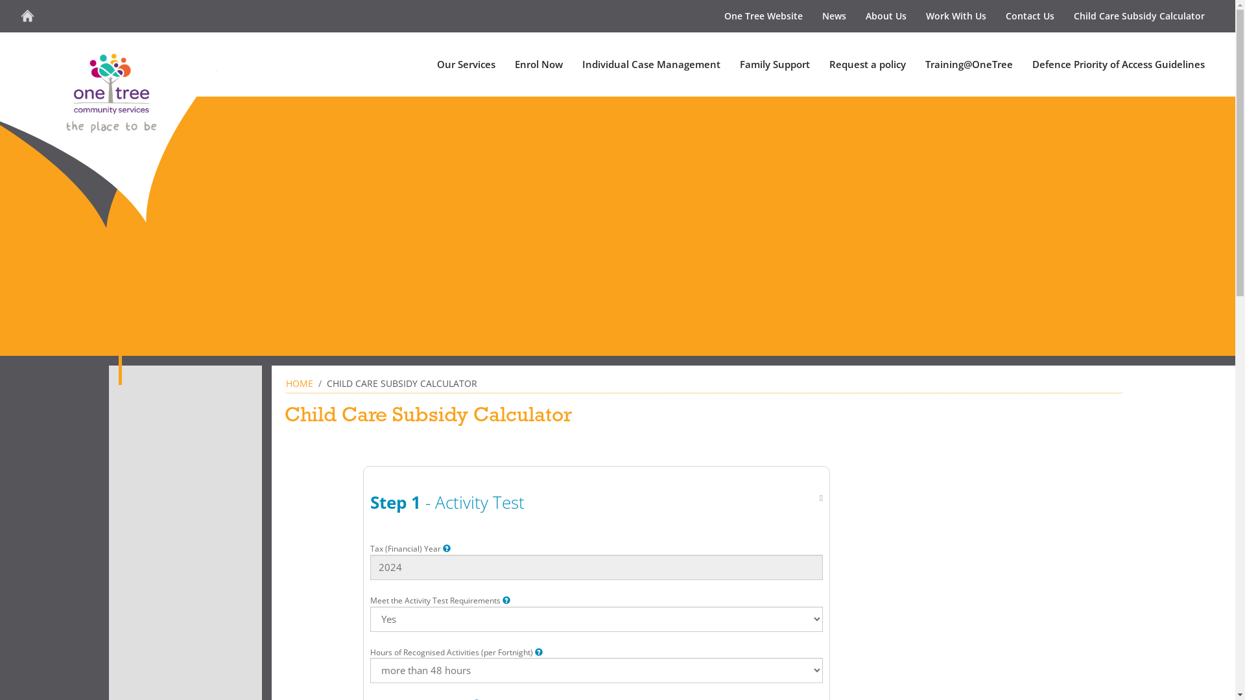 The height and width of the screenshot is (700, 1245). Describe the element at coordinates (915, 16) in the screenshot. I see `'Work With Us'` at that location.